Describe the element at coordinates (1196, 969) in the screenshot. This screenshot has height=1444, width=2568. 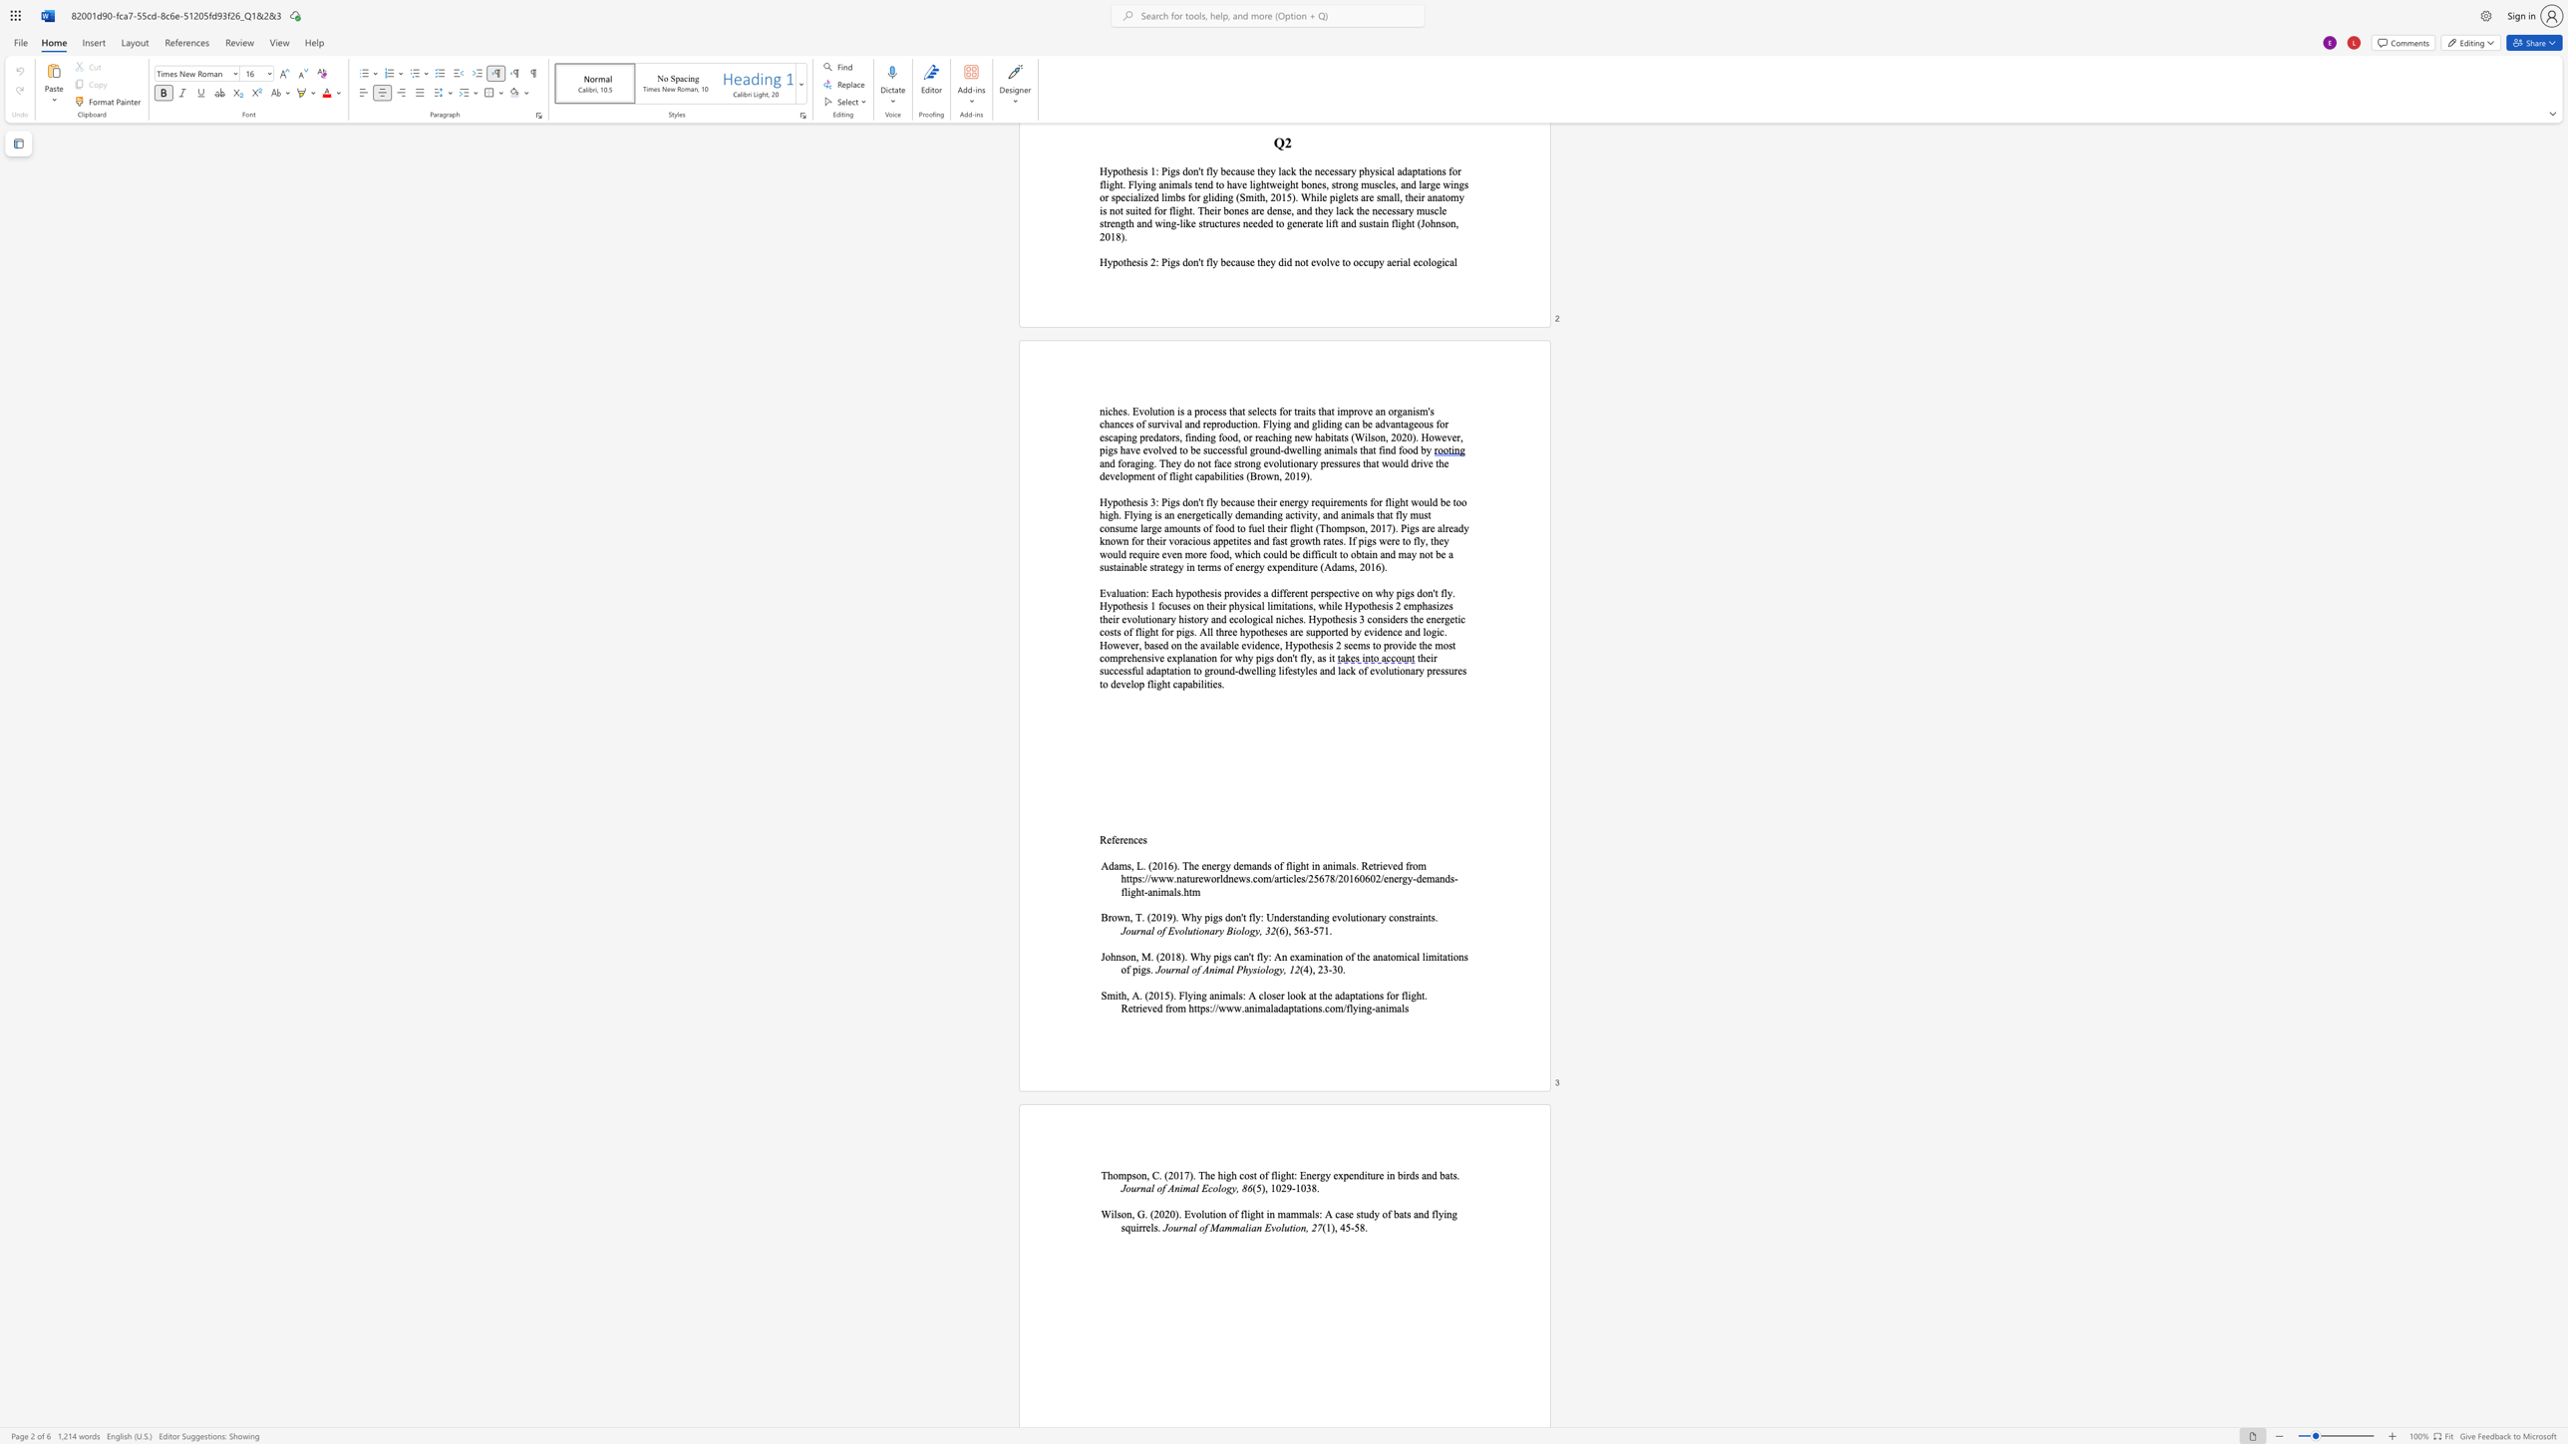
I see `the subset text "f Animal P" within the text "Journal of Animal Physiology, 12"` at that location.